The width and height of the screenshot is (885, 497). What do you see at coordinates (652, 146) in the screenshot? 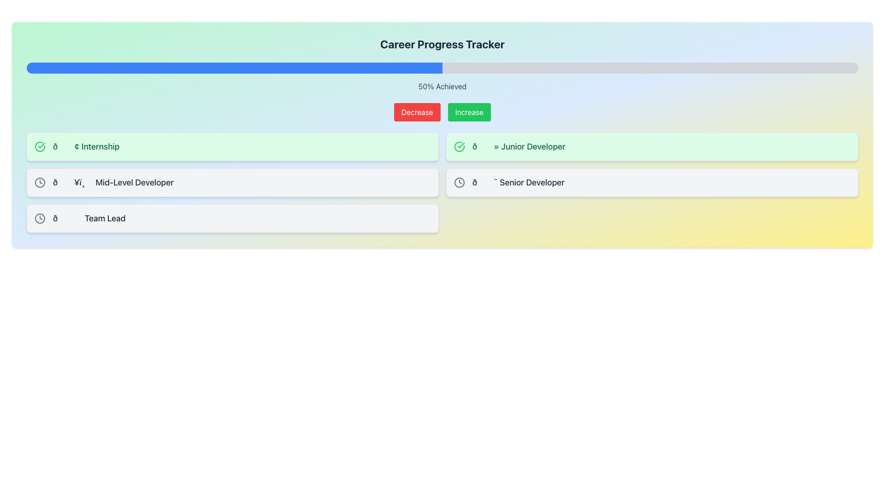
I see `the 'Junior Developer' panel located in the top row of the grid layout` at bounding box center [652, 146].